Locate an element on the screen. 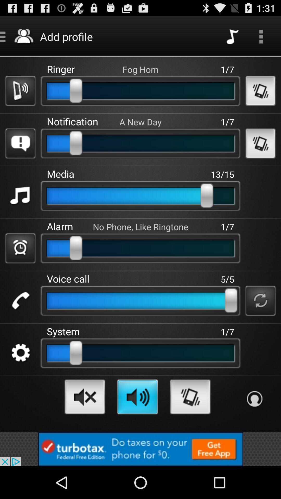 This screenshot has height=499, width=281. mute button which is on the bottom of page is located at coordinates (85, 397).